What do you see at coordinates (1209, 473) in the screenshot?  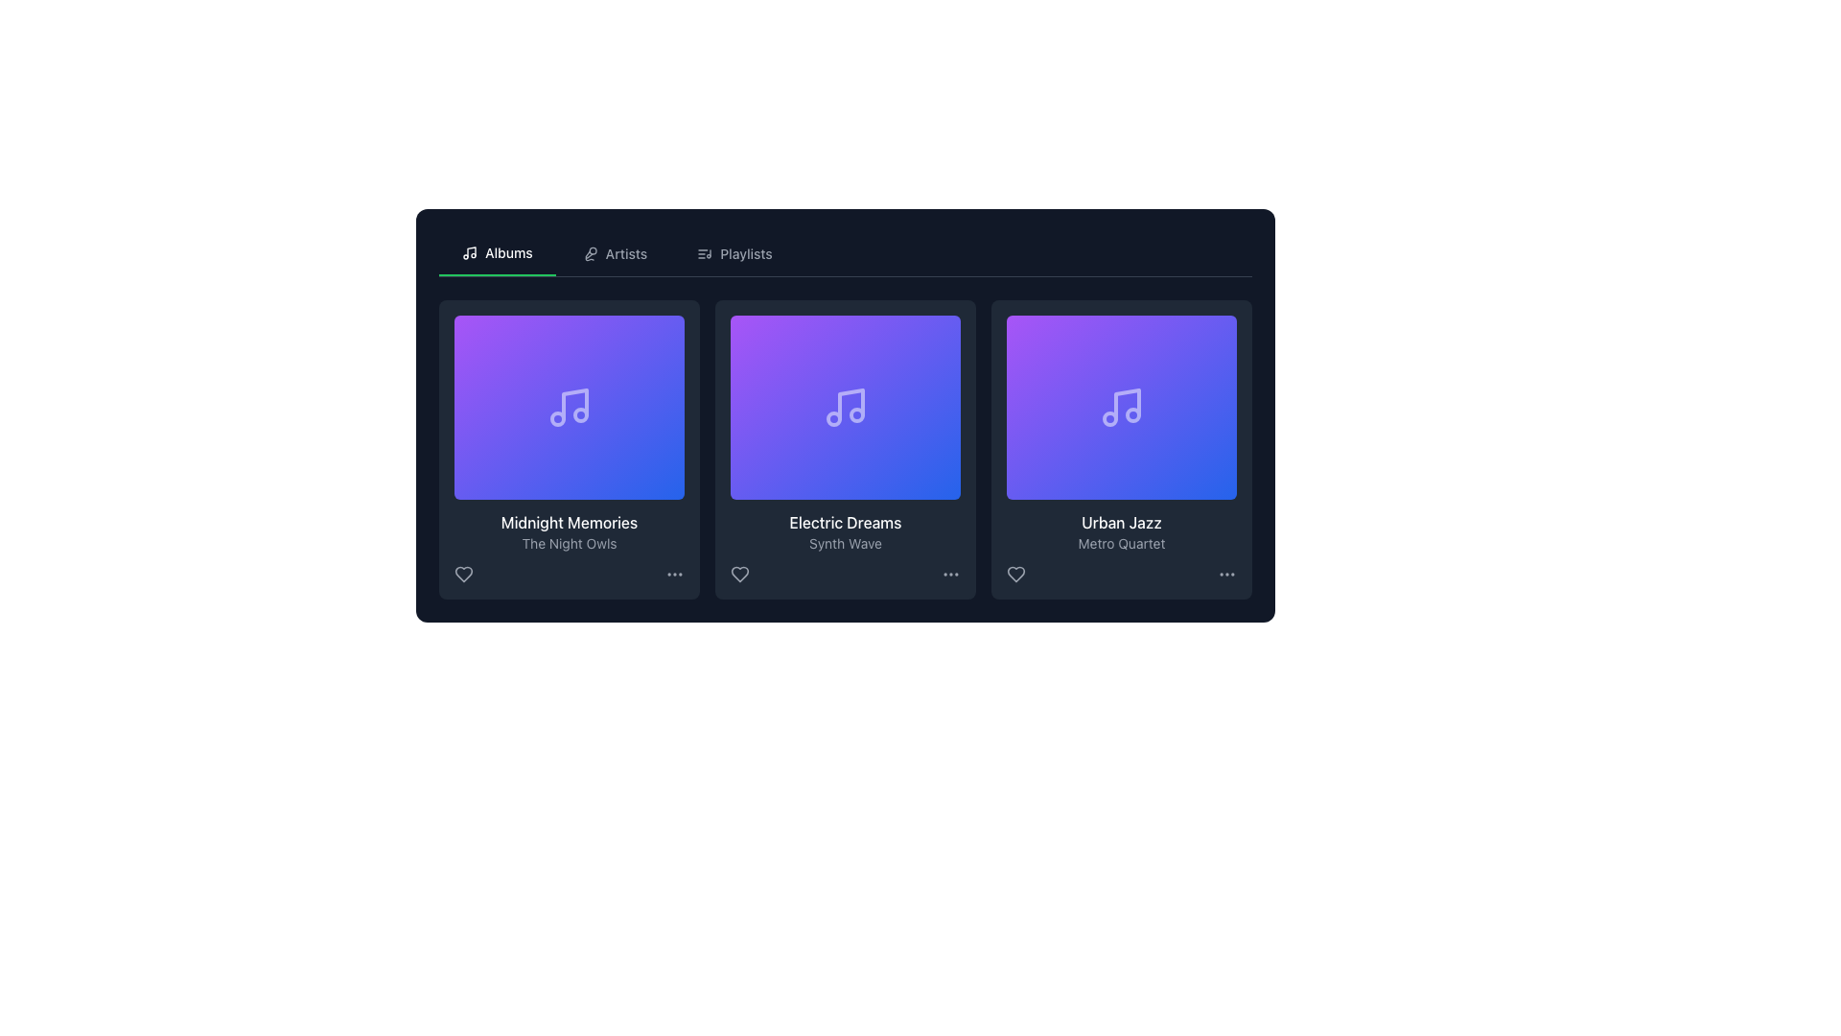 I see `the circular green play button located at the bottom-right corner of the 'Urban Jazz' card` at bounding box center [1209, 473].